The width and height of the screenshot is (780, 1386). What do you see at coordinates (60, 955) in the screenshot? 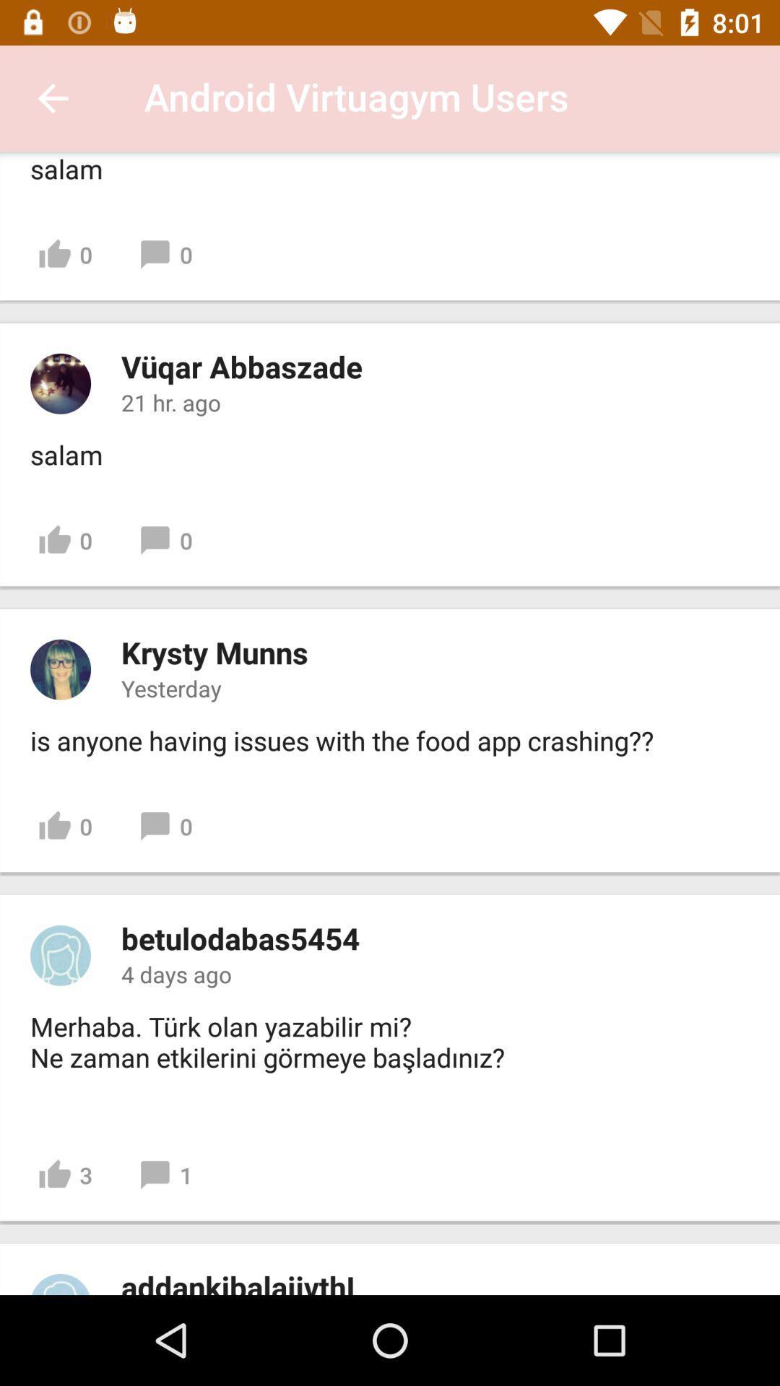
I see `avatar icon` at bounding box center [60, 955].